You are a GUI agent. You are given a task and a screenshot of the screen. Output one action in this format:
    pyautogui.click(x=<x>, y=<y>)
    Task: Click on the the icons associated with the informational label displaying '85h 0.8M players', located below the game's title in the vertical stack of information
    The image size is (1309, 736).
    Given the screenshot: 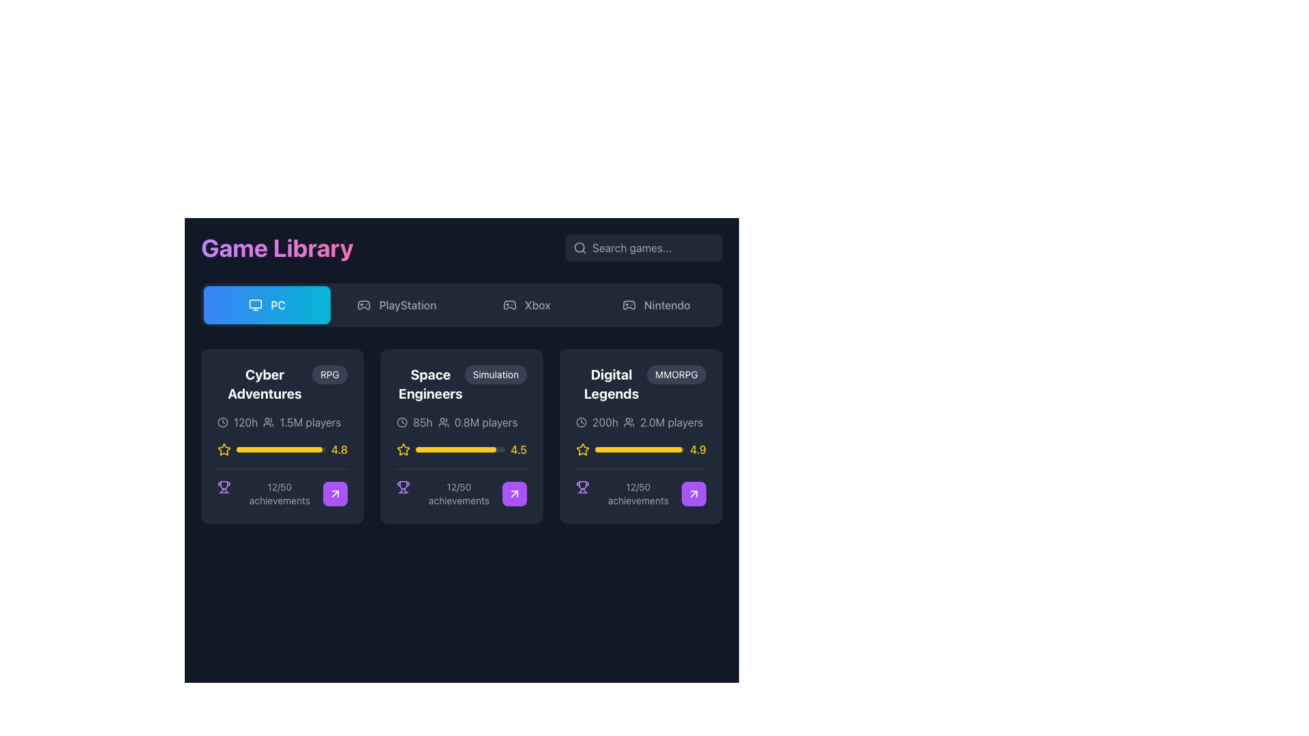 What is the action you would take?
    pyautogui.click(x=462, y=422)
    